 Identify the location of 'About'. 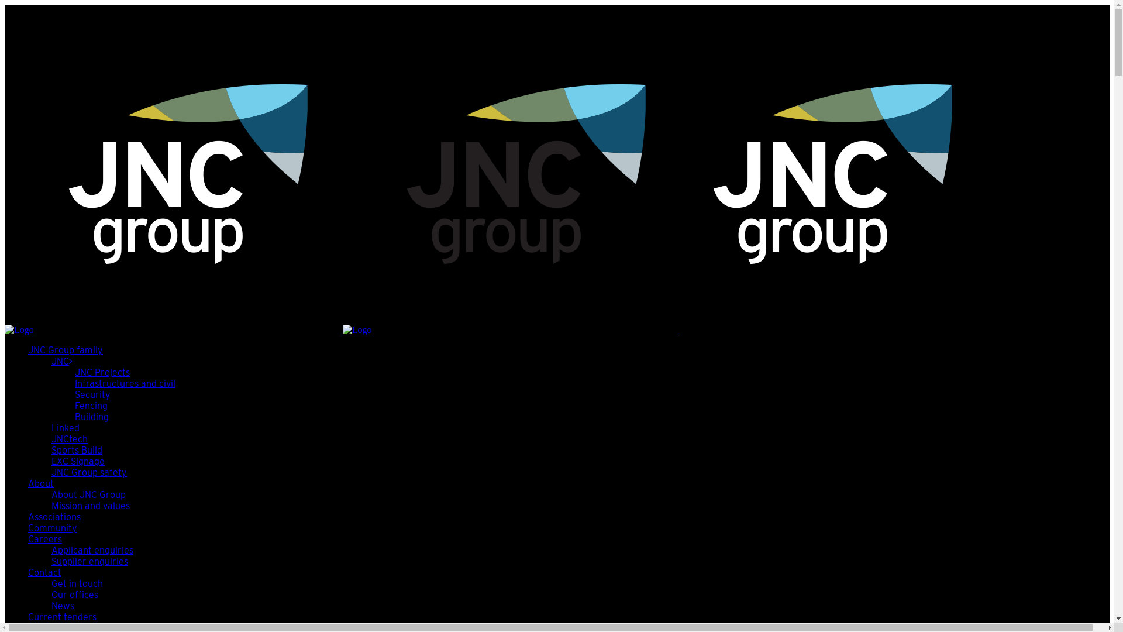
(41, 483).